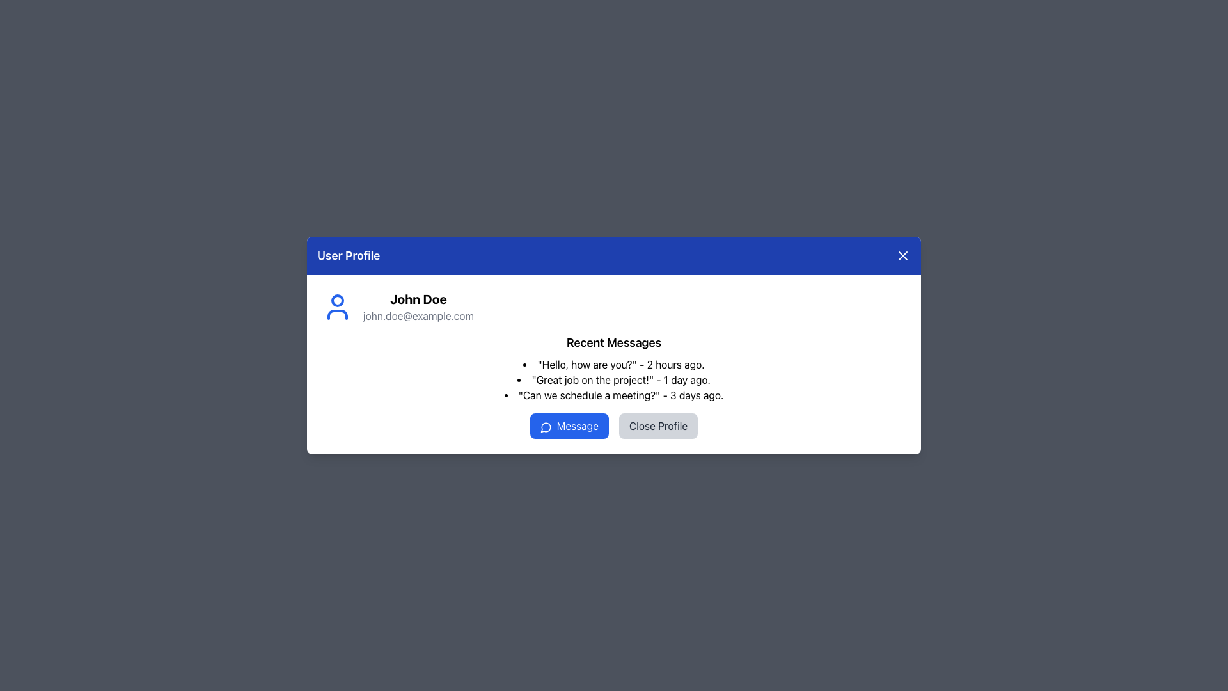 Image resolution: width=1228 pixels, height=691 pixels. I want to click on the Text List that displays recent user messages or notifications, located centrally in the User Profile dialog, just below the 'Recent Messages' header, so click(614, 379).